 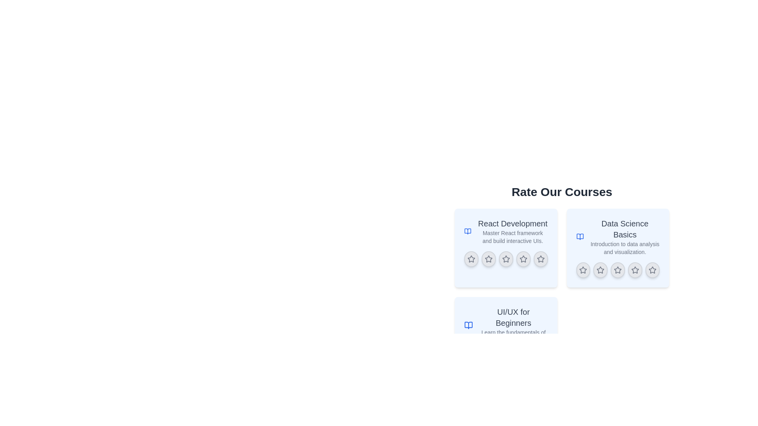 What do you see at coordinates (471, 259) in the screenshot?
I see `the first star-shaped icon in the rating system for visual feedback` at bounding box center [471, 259].